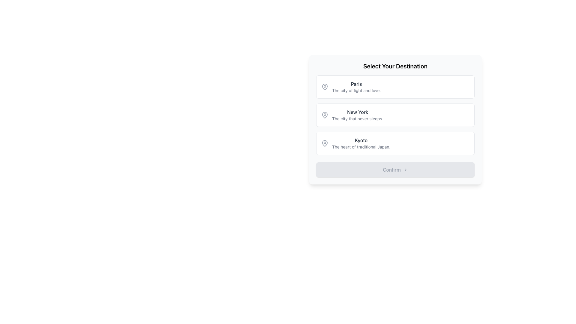 This screenshot has height=324, width=576. I want to click on text label indicating 'Paris' as the first destination option in the selection list, located at the top of the rectangular card, so click(356, 84).